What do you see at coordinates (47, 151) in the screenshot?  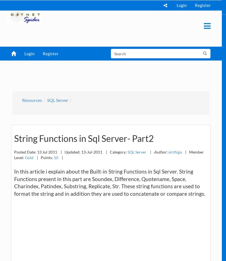 I see `'13 Jul 2011'` at bounding box center [47, 151].